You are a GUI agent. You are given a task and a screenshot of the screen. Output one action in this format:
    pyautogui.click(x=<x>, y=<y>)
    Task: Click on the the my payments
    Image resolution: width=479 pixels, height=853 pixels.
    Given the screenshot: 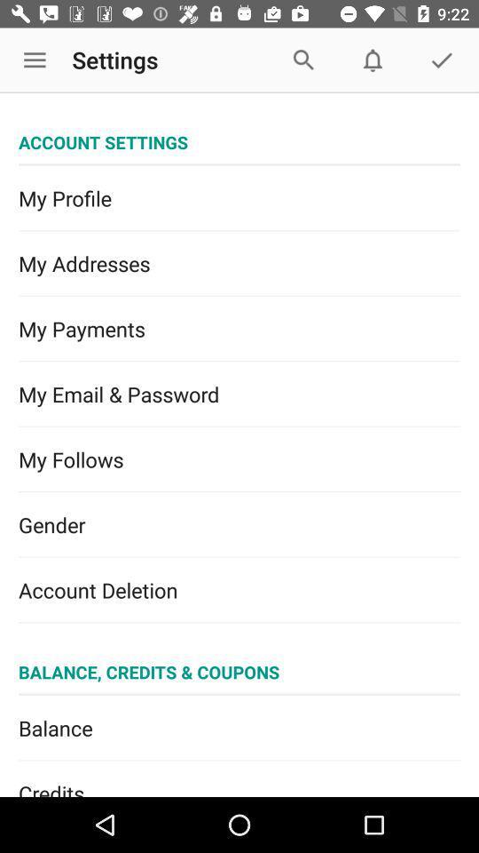 What is the action you would take?
    pyautogui.click(x=239, y=328)
    